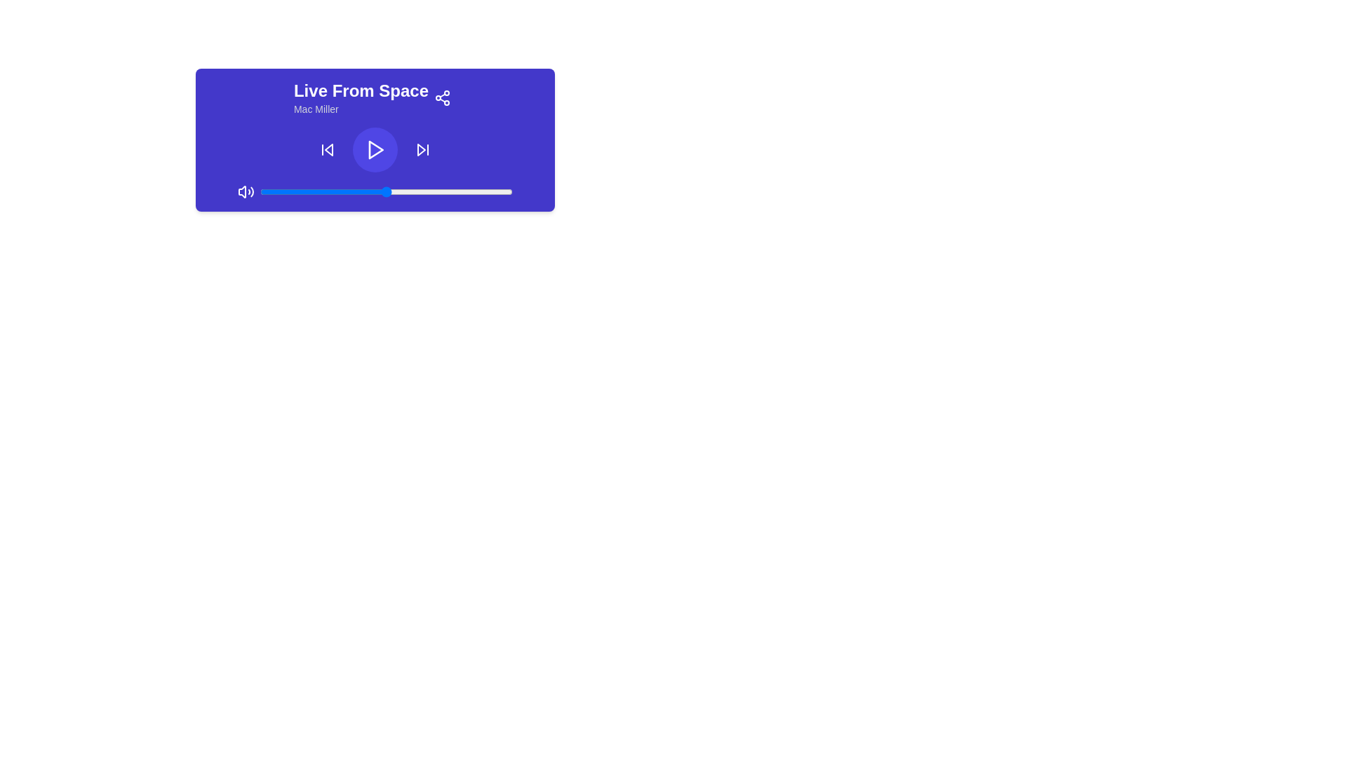  What do you see at coordinates (389, 191) in the screenshot?
I see `the slider value` at bounding box center [389, 191].